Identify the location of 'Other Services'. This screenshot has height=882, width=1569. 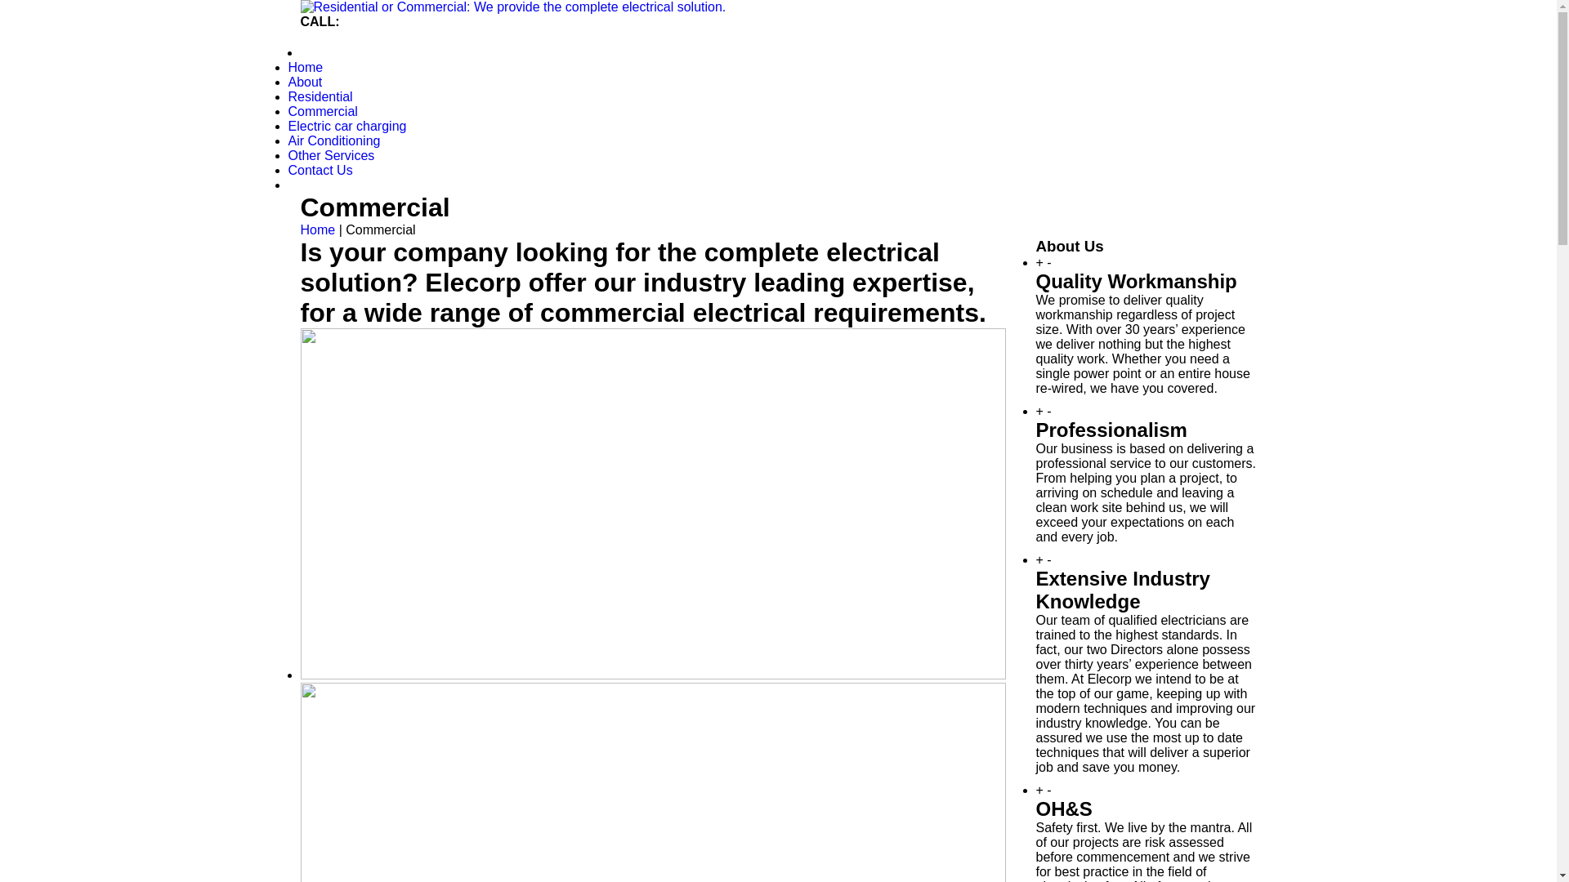
(329, 155).